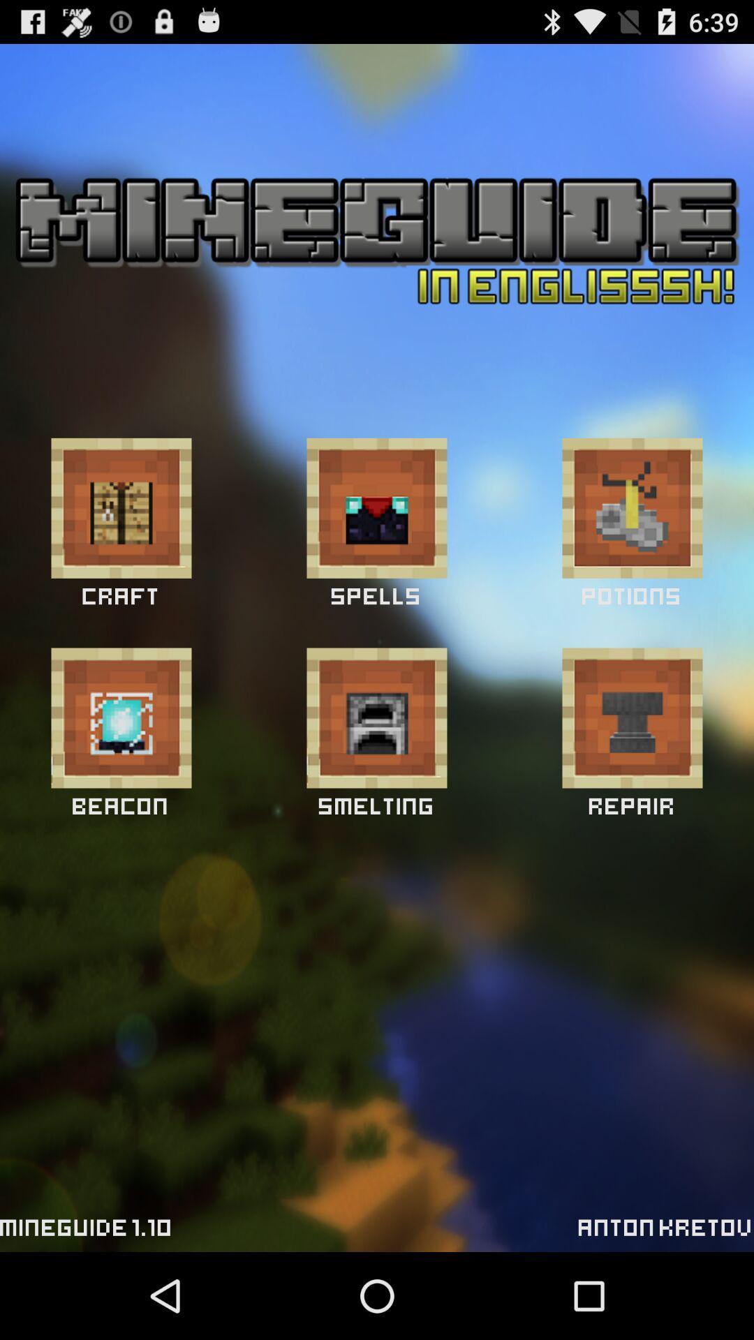  Describe the element at coordinates (633, 717) in the screenshot. I see `press repair` at that location.